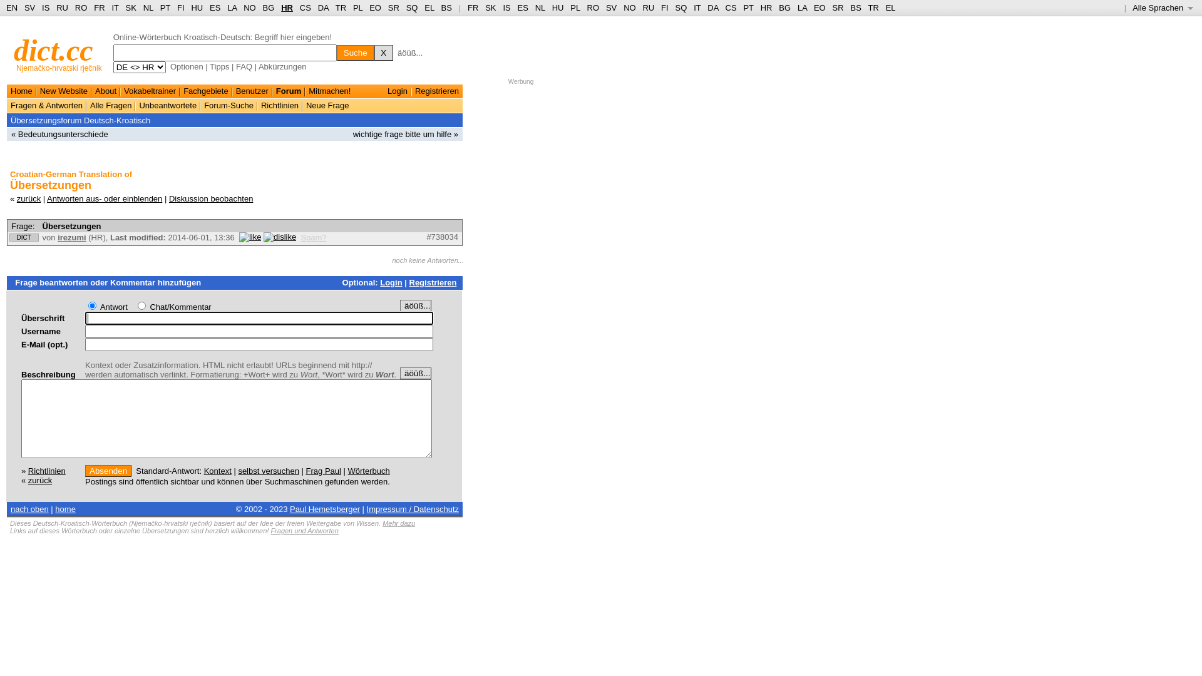 This screenshot has width=1202, height=676. What do you see at coordinates (170, 66) in the screenshot?
I see `'Optionen'` at bounding box center [170, 66].